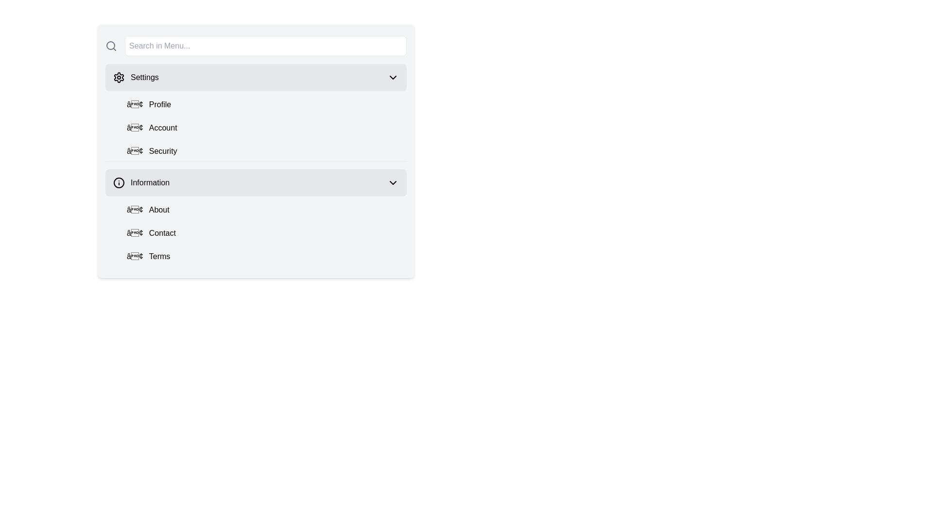 The height and width of the screenshot is (524, 933). I want to click on the menu item that serves as a navigation option, so click(135, 77).